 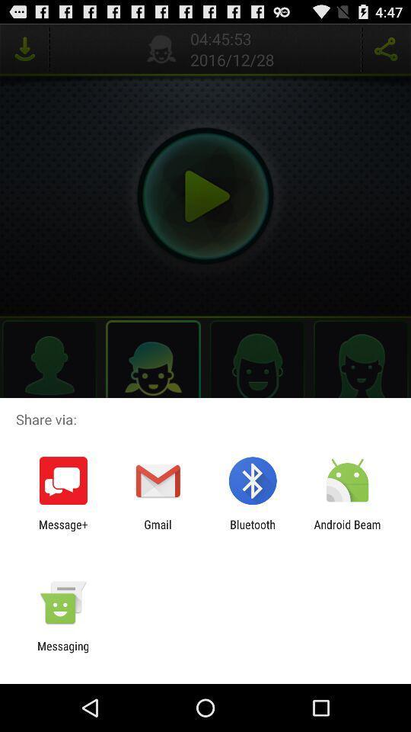 I want to click on gmail icon, so click(x=157, y=531).